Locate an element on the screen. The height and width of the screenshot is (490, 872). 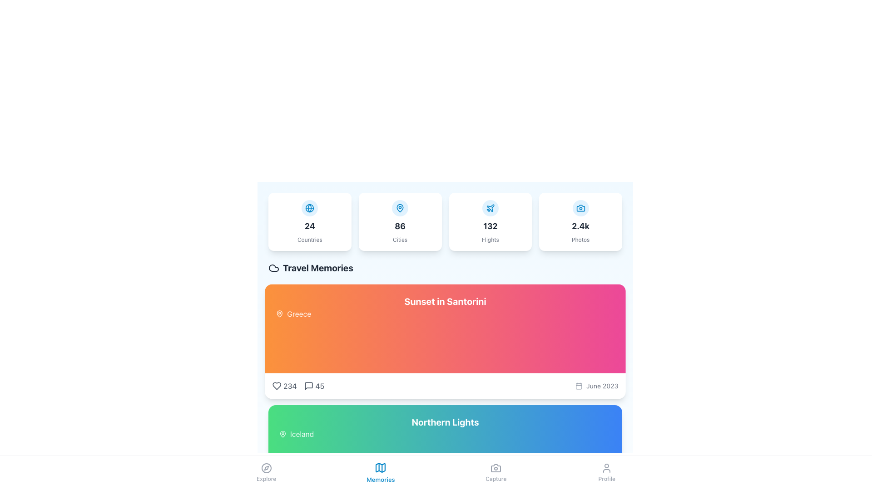
the photo icon located in the fourth tile of the top row, which is the rightmost tile adjacent to the airplane icon is located at coordinates (580, 208).